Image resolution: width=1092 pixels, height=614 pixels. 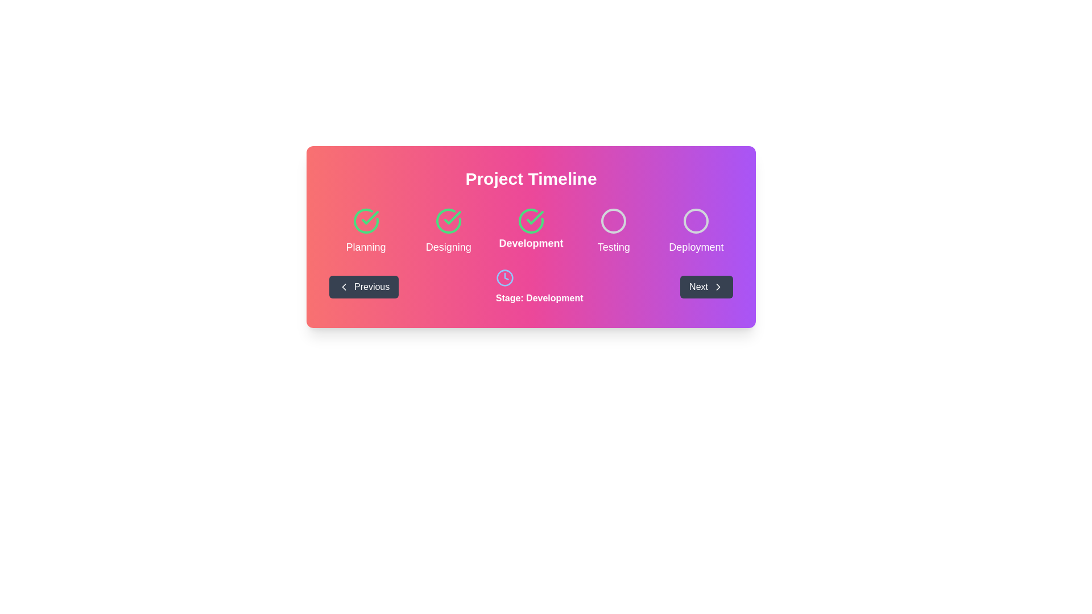 What do you see at coordinates (366, 247) in the screenshot?
I see `the 'Planning' label, which is a medium-sized white text label located beneath a green checkmark icon, aligned with other labels on a horizontal timeline` at bounding box center [366, 247].